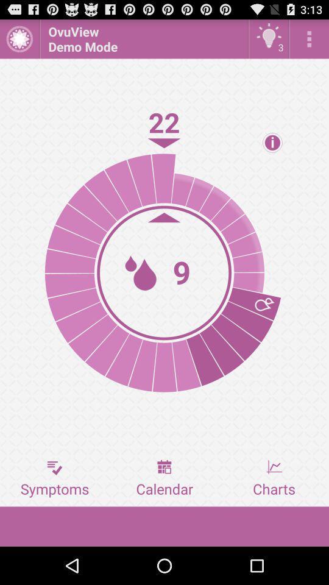 This screenshot has width=329, height=585. What do you see at coordinates (164, 478) in the screenshot?
I see `calendar button` at bounding box center [164, 478].